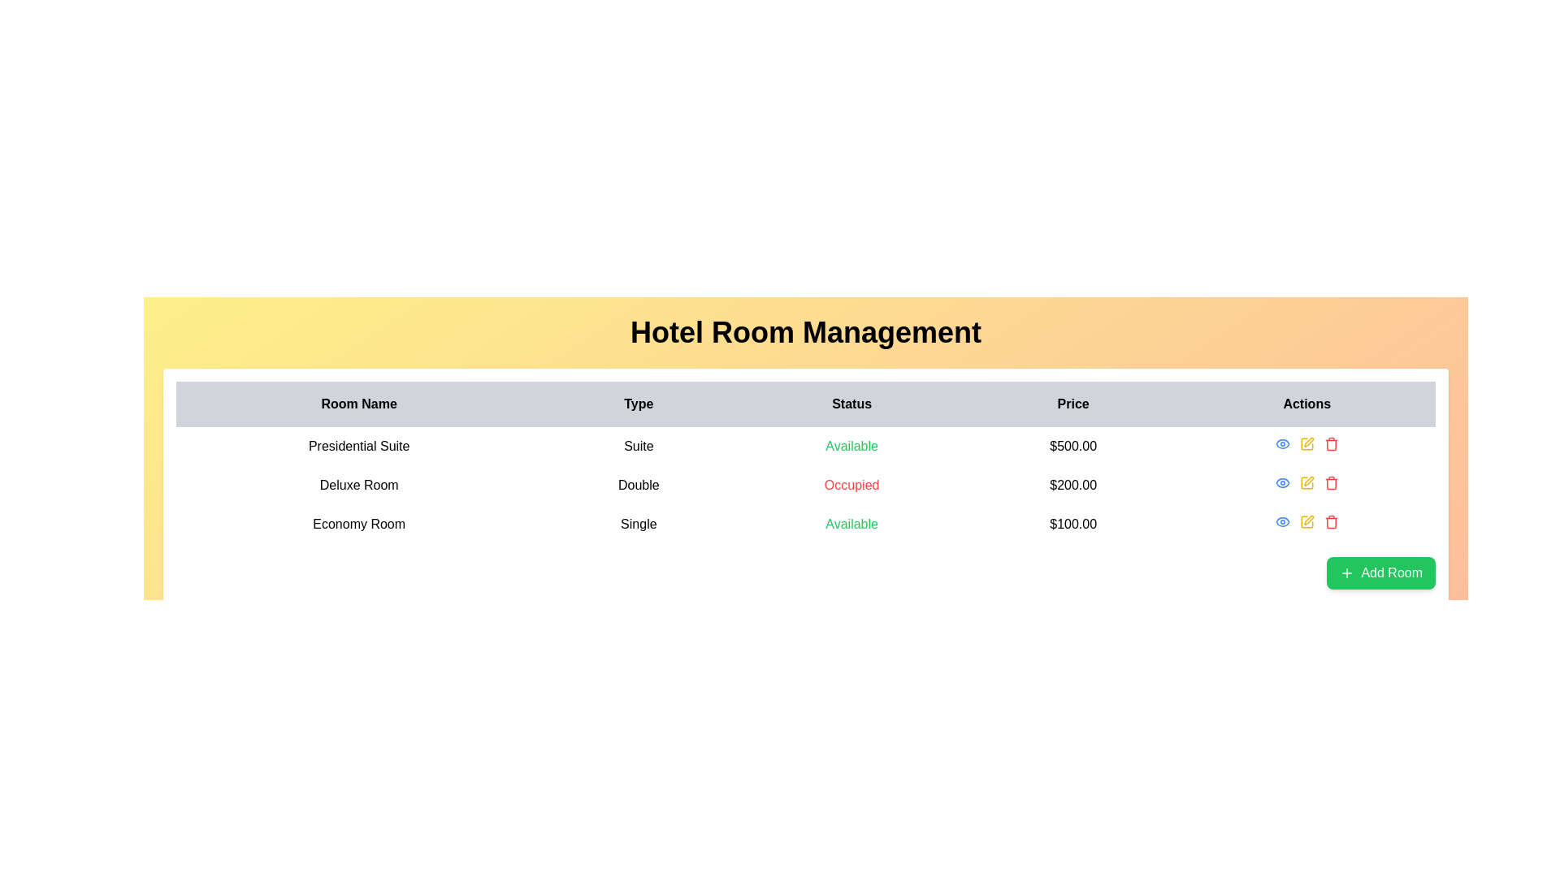 The width and height of the screenshot is (1560, 877). I want to click on the Toolbar with action icons located in the Actions column of the row associated with the 'Presidential Suite', so click(1306, 444).